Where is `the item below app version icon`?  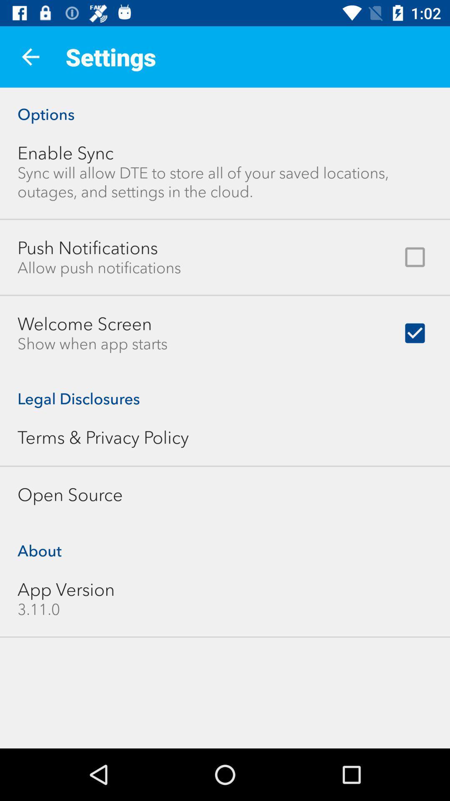 the item below app version icon is located at coordinates (38, 609).